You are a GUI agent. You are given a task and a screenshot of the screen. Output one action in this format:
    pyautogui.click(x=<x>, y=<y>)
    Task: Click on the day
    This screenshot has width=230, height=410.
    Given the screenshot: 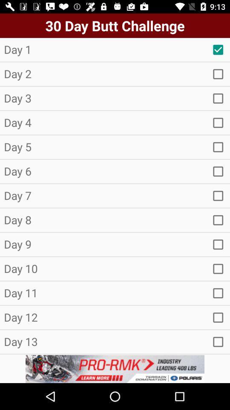 What is the action you would take?
    pyautogui.click(x=218, y=196)
    